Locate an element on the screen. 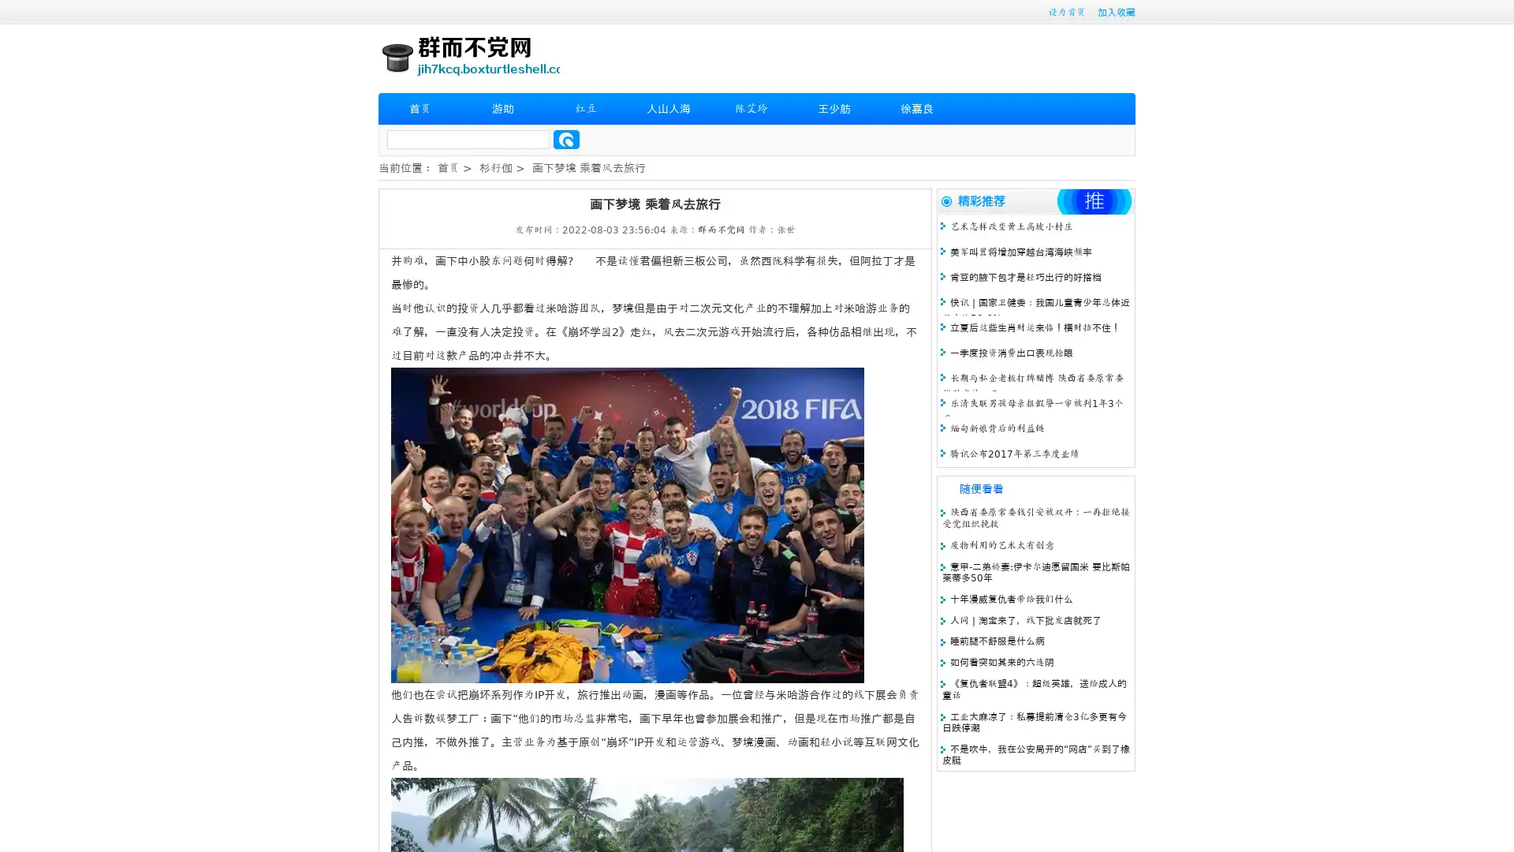  Search is located at coordinates (566, 139).